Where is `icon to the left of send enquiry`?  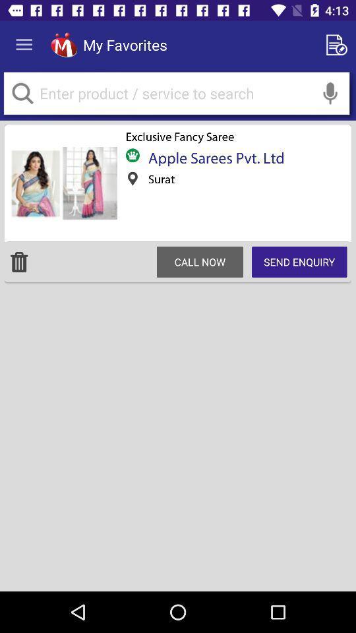 icon to the left of send enquiry is located at coordinates (199, 261).